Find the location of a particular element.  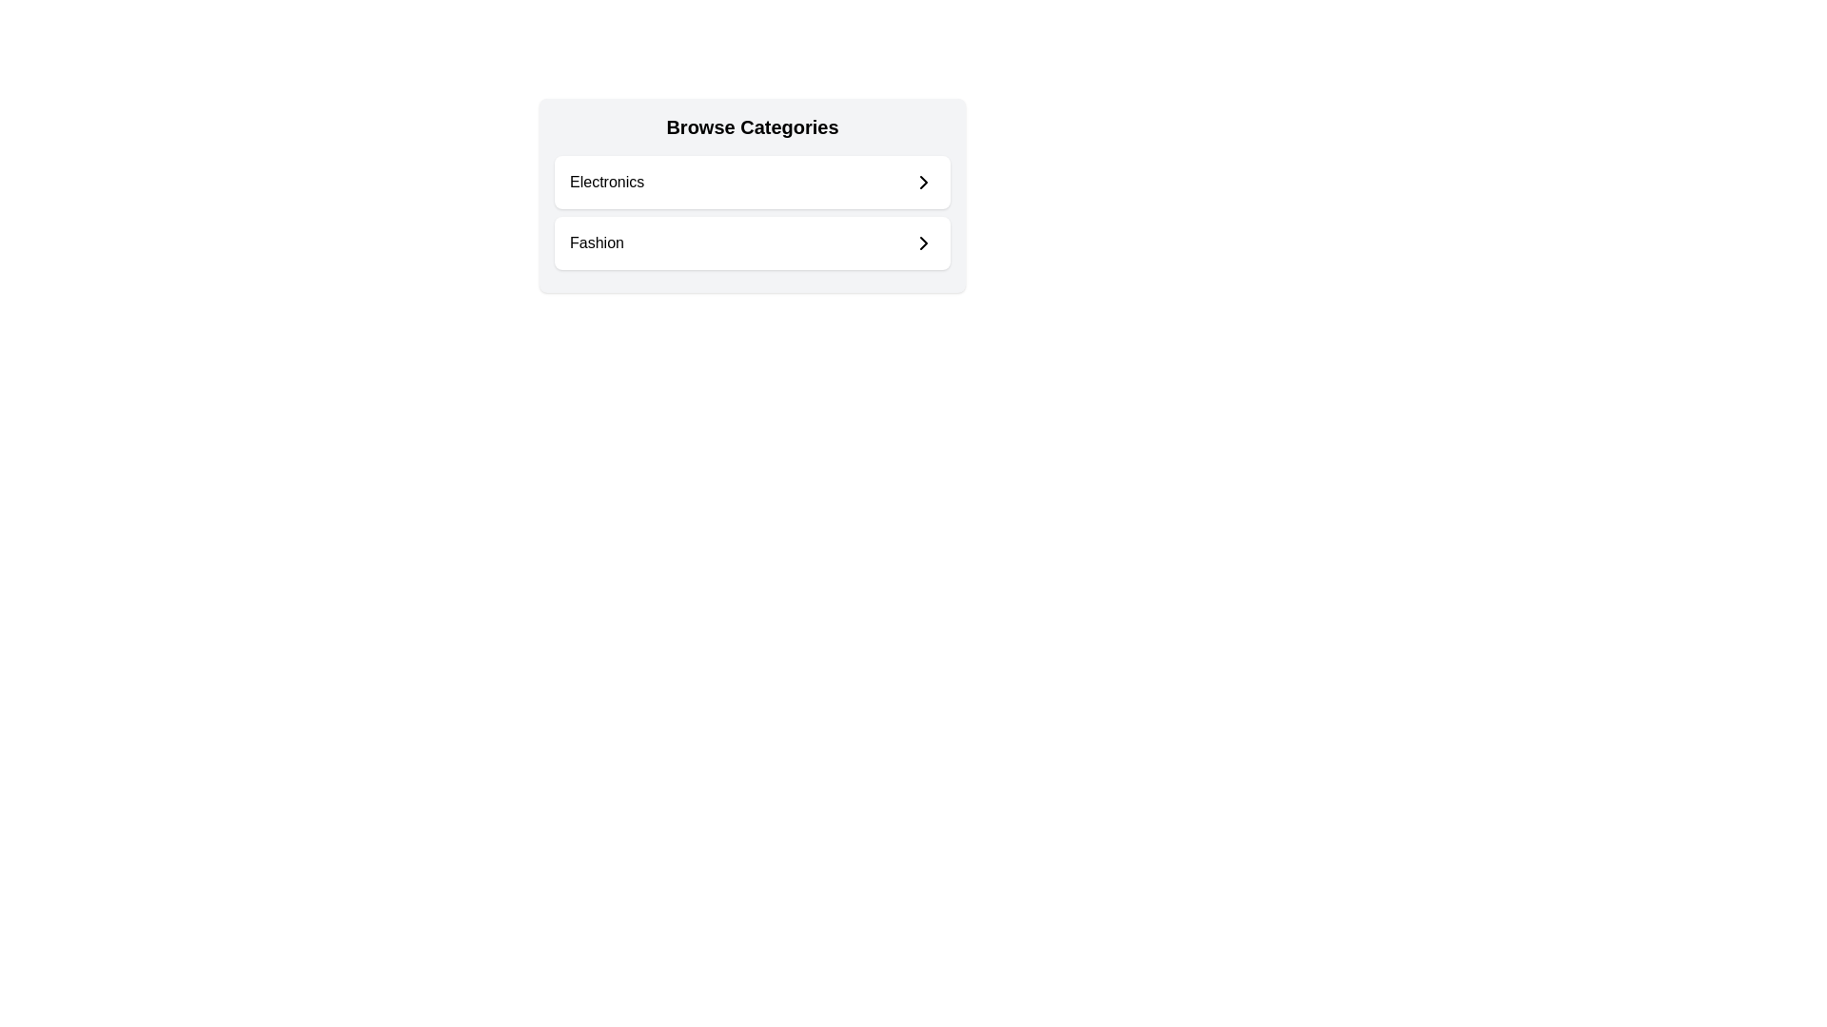

the rightward-pointing chevron arrow icon located to the far right in the row with the text 'Fashion', which indicates navigation or progression is located at coordinates (923, 242).